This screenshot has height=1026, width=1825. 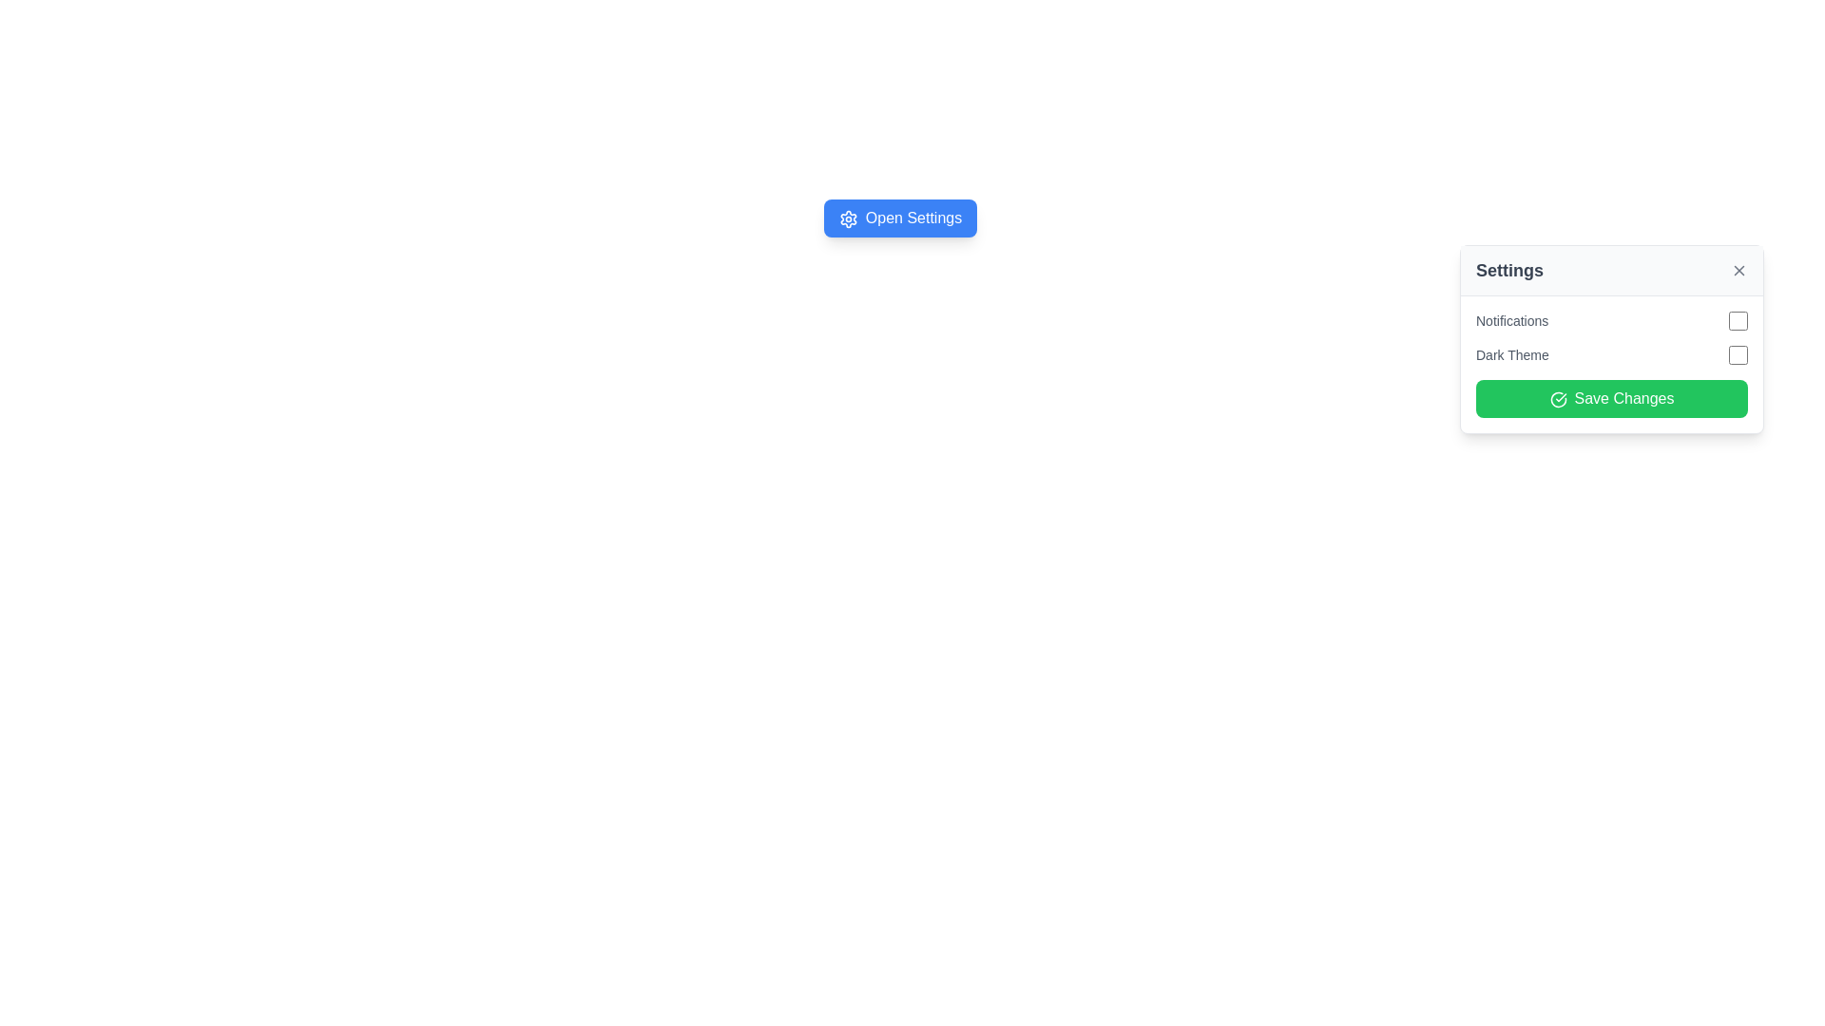 I want to click on the circular checkmark icon positioned to the left of the 'Save Changes' green button, so click(x=1558, y=398).